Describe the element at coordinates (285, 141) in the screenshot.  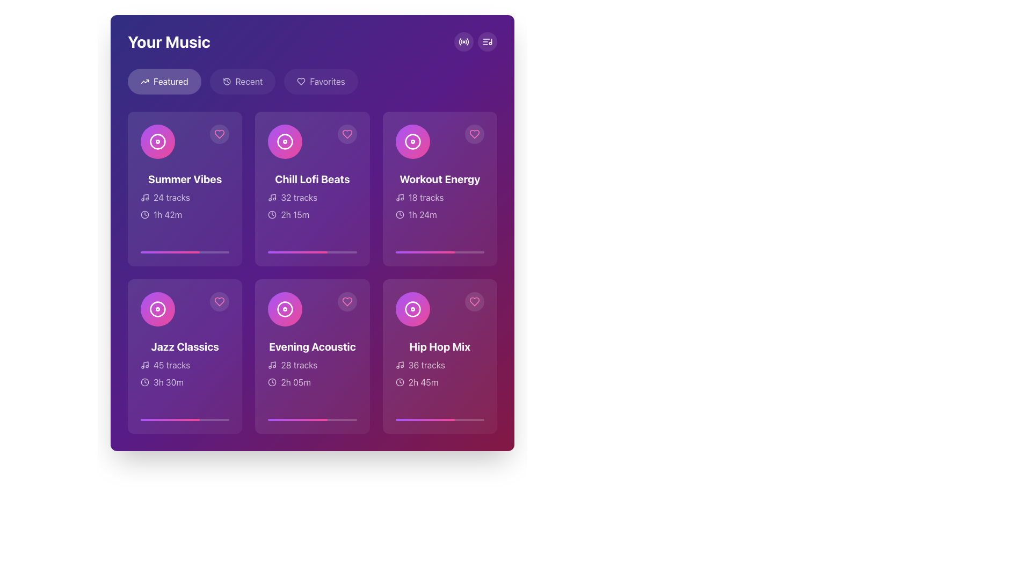
I see `the circular graphic icon with two concentric circles in white, located in the top-middle card titled 'Chill Lofi Beats'` at that location.